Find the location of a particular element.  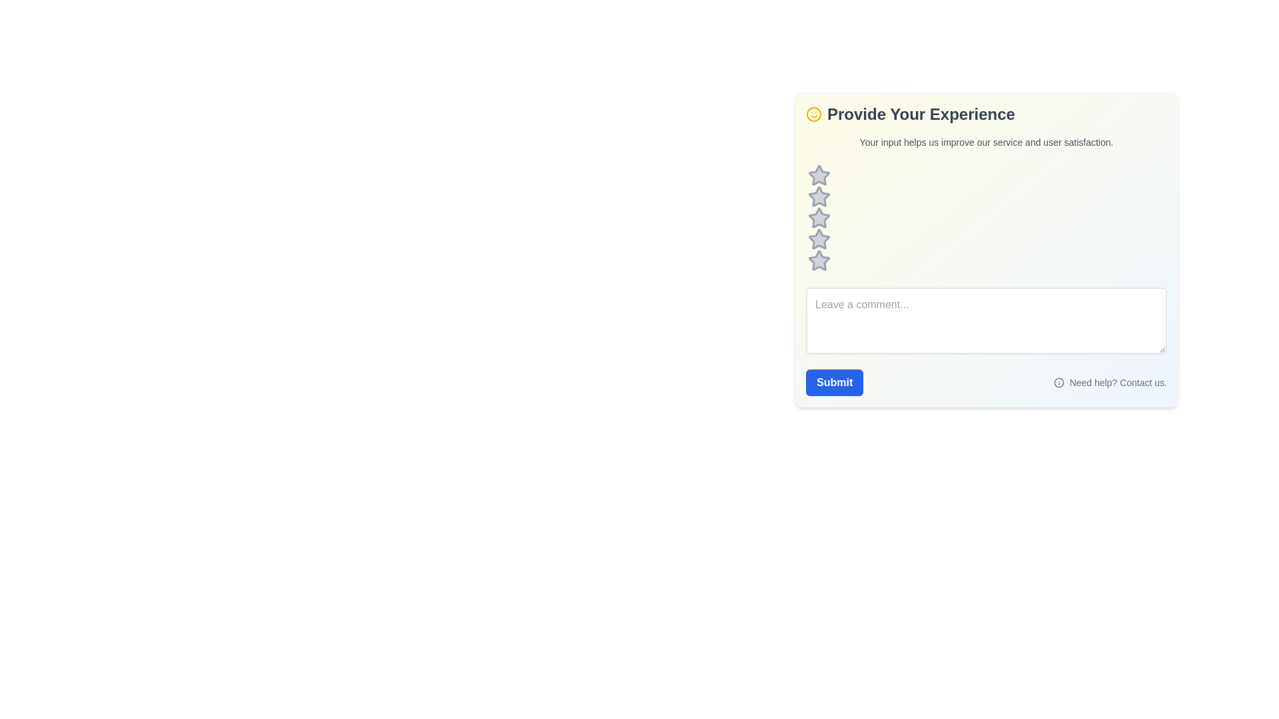

the fifth rating star in the vertical sequence is located at coordinates (818, 261).